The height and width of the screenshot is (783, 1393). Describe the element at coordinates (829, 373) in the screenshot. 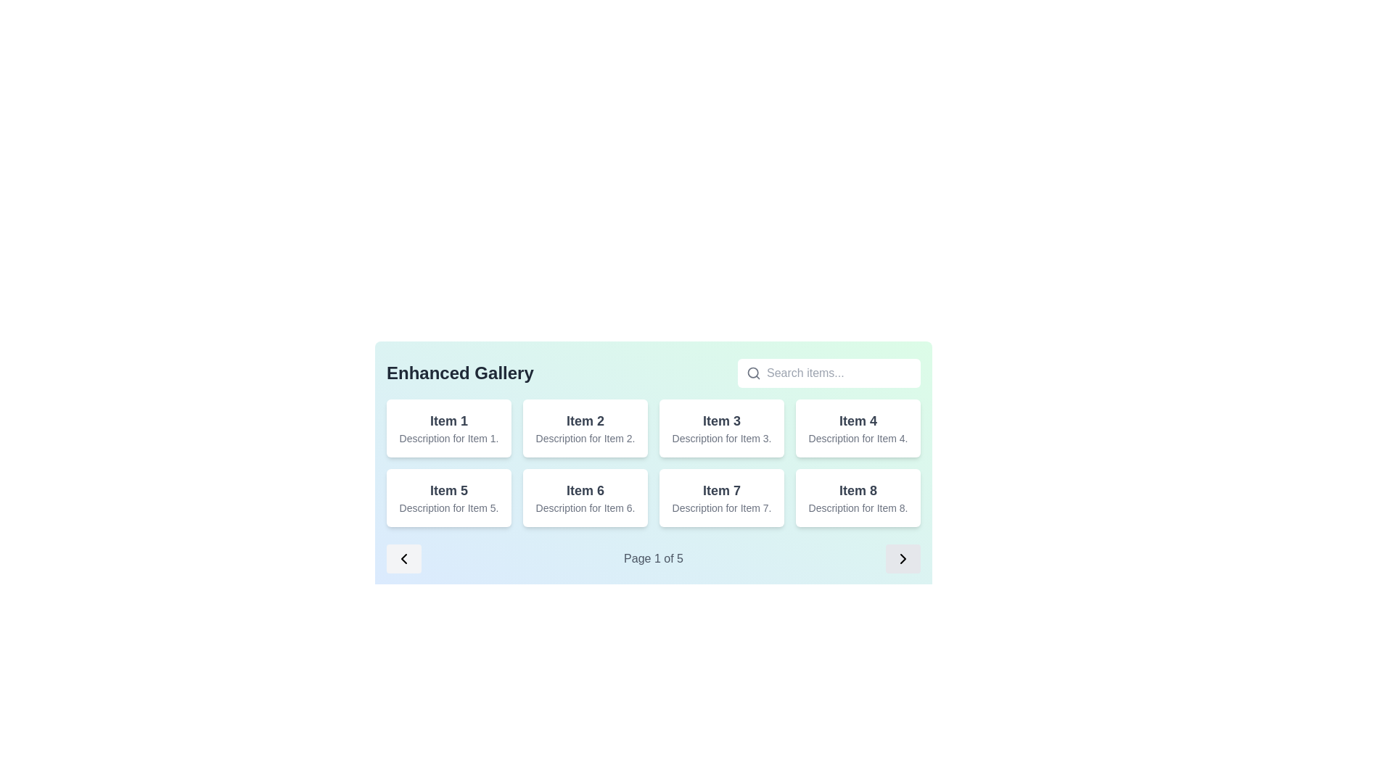

I see `the Search bar with an input field located at the top right corner of the Enhanced Gallery section, which features a gray magnifying glass icon and a placeholder text 'Search items...'` at that location.